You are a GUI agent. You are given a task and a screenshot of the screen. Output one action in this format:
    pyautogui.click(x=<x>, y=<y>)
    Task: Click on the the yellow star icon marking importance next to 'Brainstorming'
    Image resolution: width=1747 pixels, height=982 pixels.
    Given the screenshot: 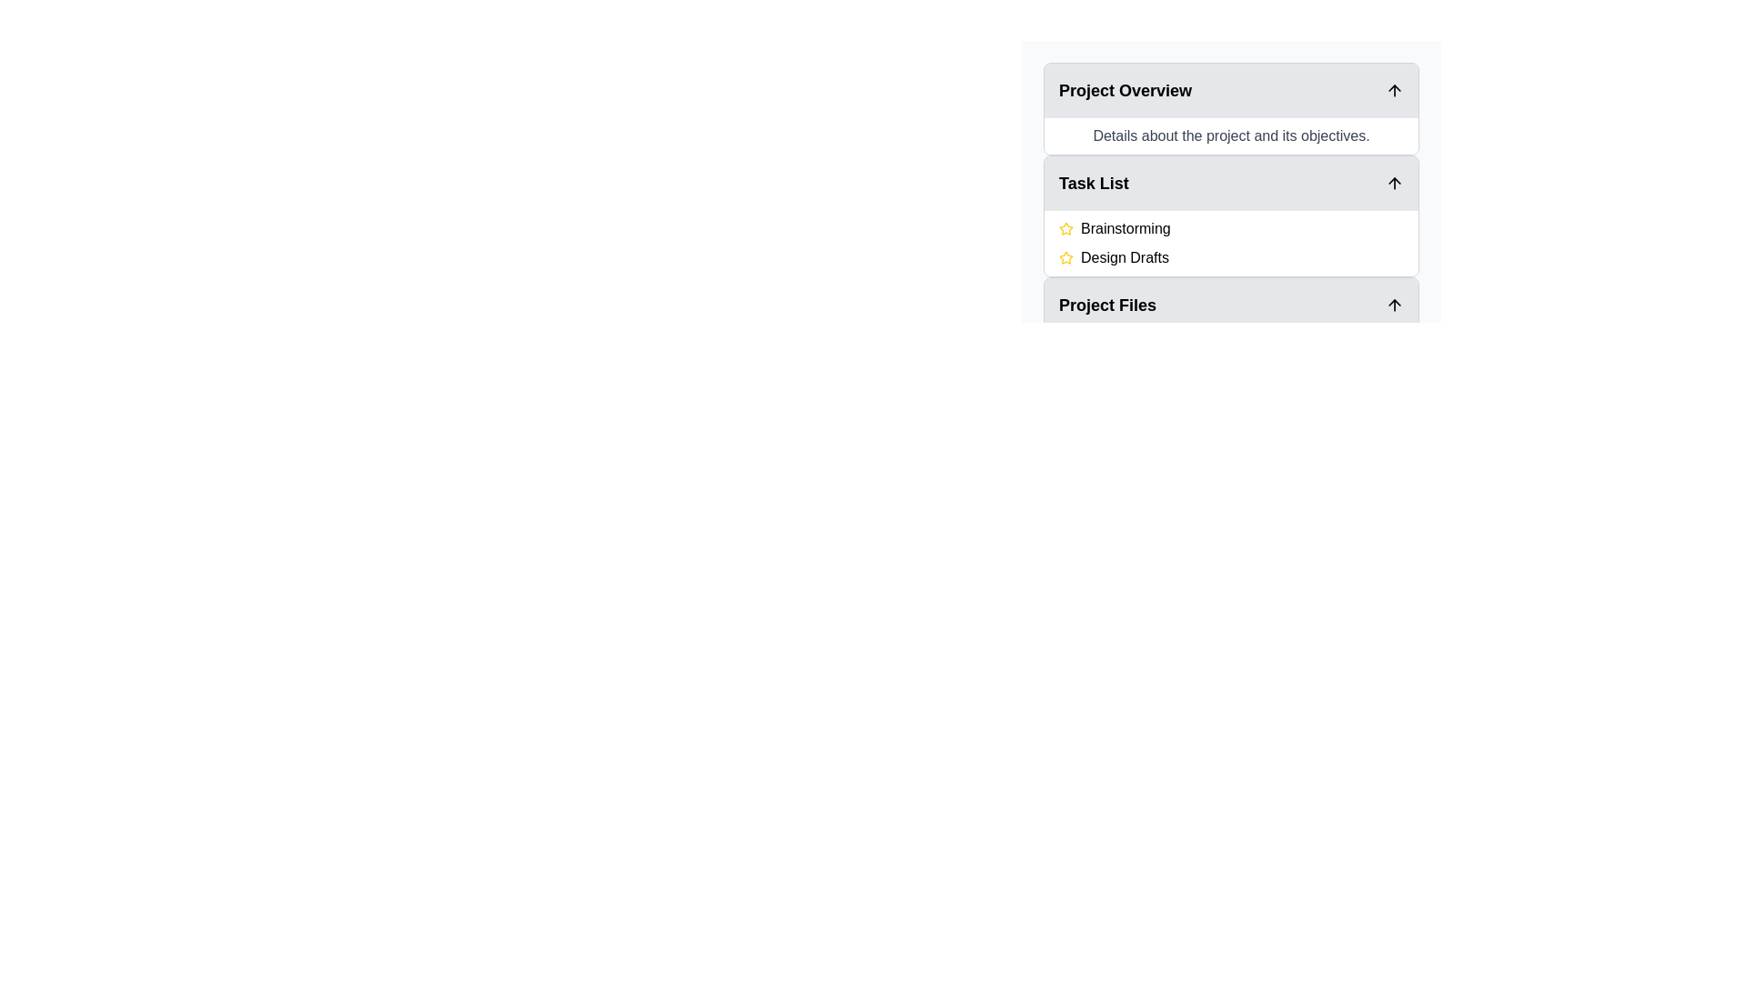 What is the action you would take?
    pyautogui.click(x=1065, y=256)
    